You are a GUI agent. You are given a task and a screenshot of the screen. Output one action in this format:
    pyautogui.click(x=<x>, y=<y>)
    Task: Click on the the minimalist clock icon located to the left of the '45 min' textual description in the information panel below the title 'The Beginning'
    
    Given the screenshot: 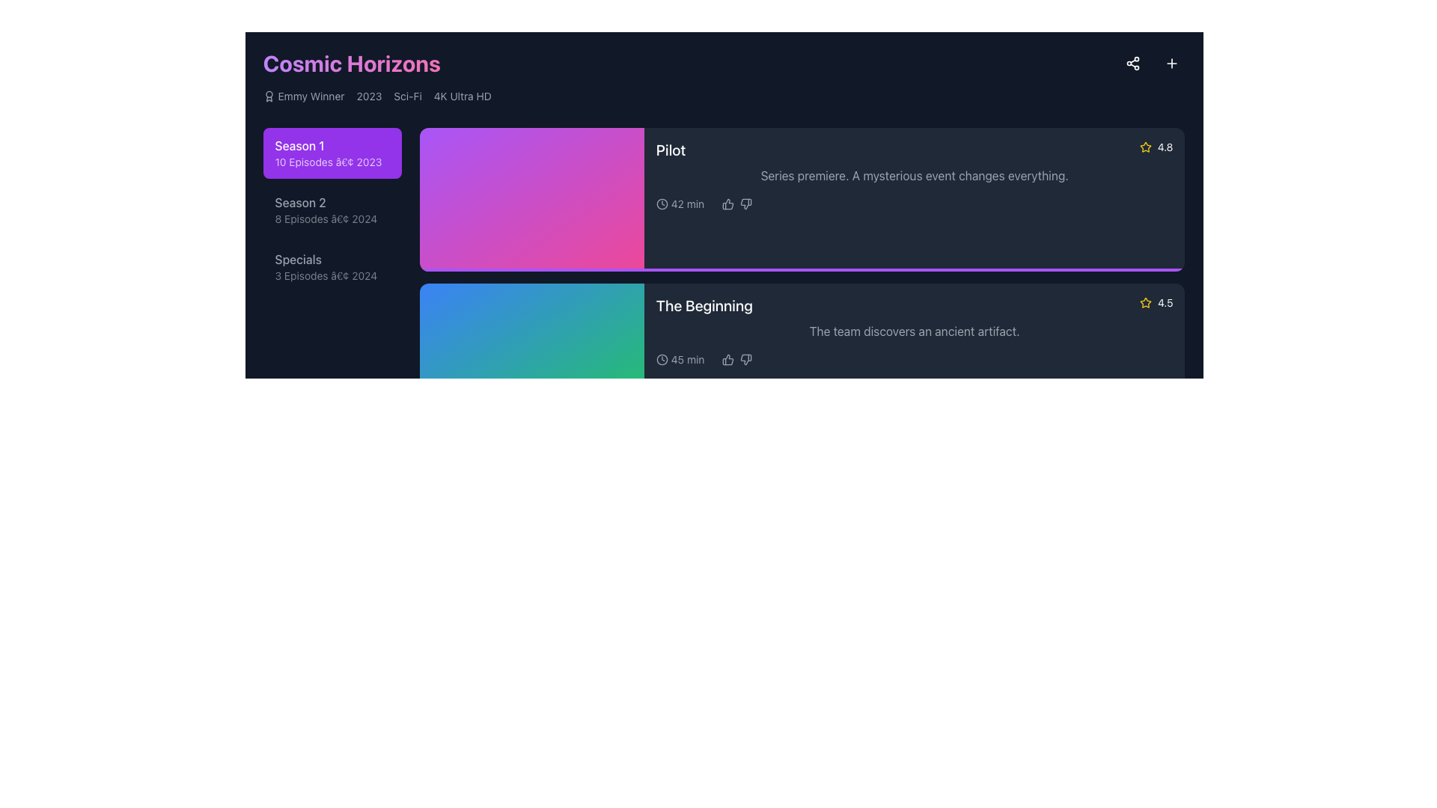 What is the action you would take?
    pyautogui.click(x=661, y=360)
    